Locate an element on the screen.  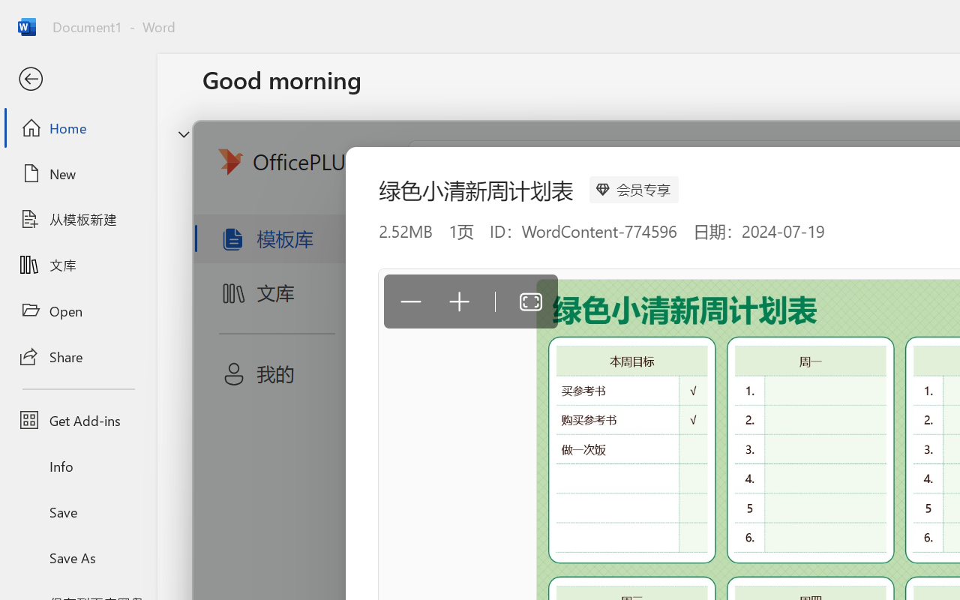
'Back' is located at coordinates (77, 79).